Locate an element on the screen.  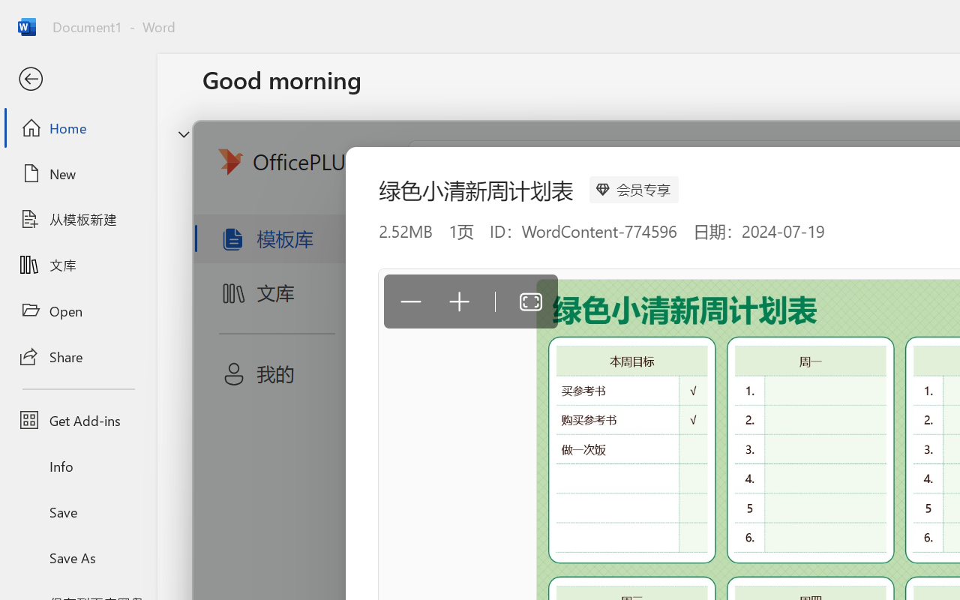
'Back' is located at coordinates (77, 79).